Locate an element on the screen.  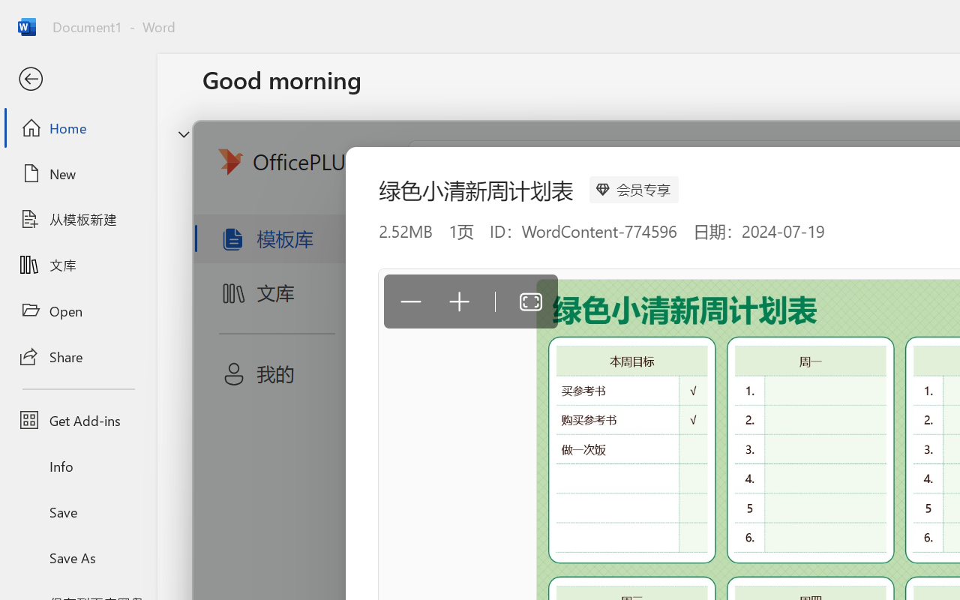
'Back' is located at coordinates (77, 79).